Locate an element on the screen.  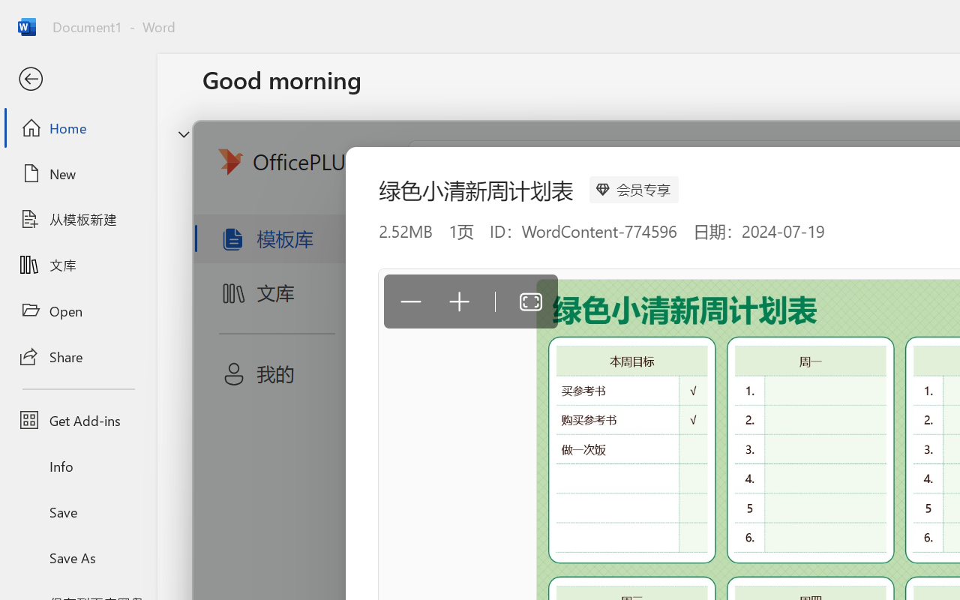
'Back' is located at coordinates (77, 79).